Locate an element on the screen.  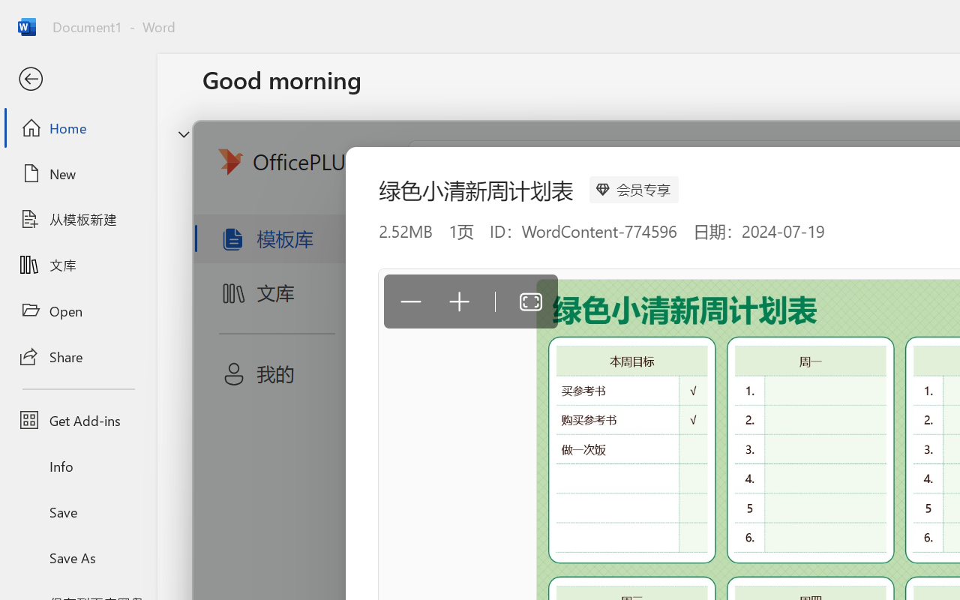
'Back' is located at coordinates (77, 79).